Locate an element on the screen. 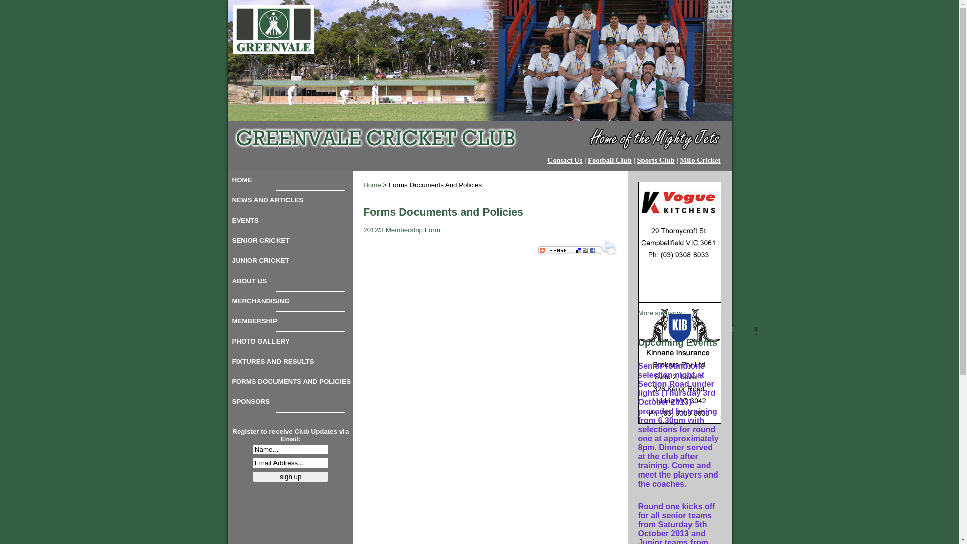 Image resolution: width=967 pixels, height=544 pixels. 'sign up' is located at coordinates (253, 476).